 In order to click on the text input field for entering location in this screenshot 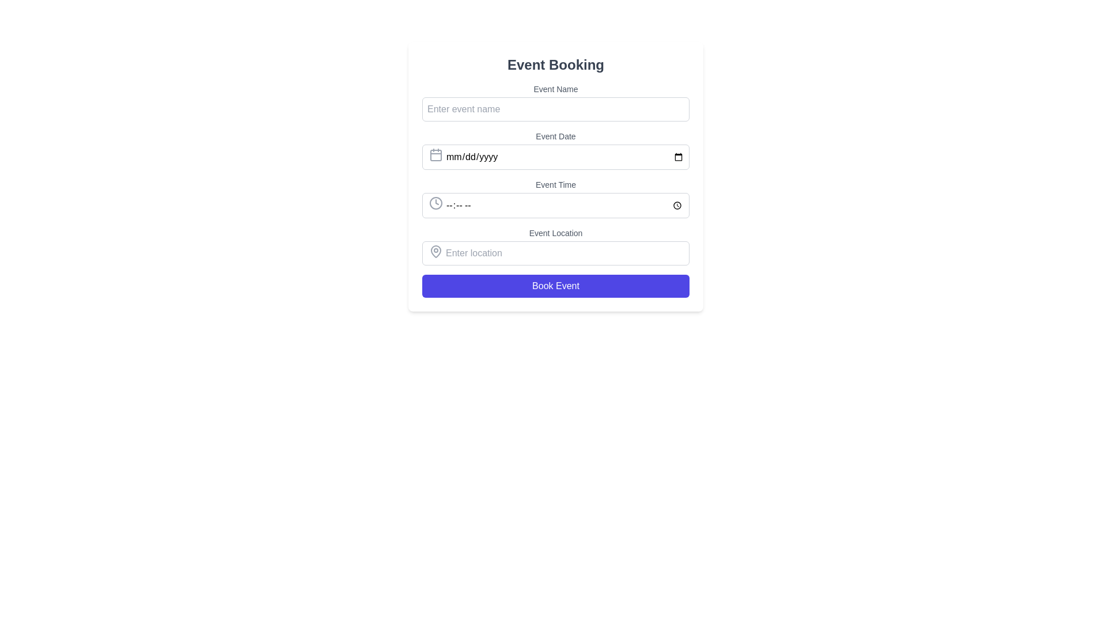, I will do `click(555, 252)`.